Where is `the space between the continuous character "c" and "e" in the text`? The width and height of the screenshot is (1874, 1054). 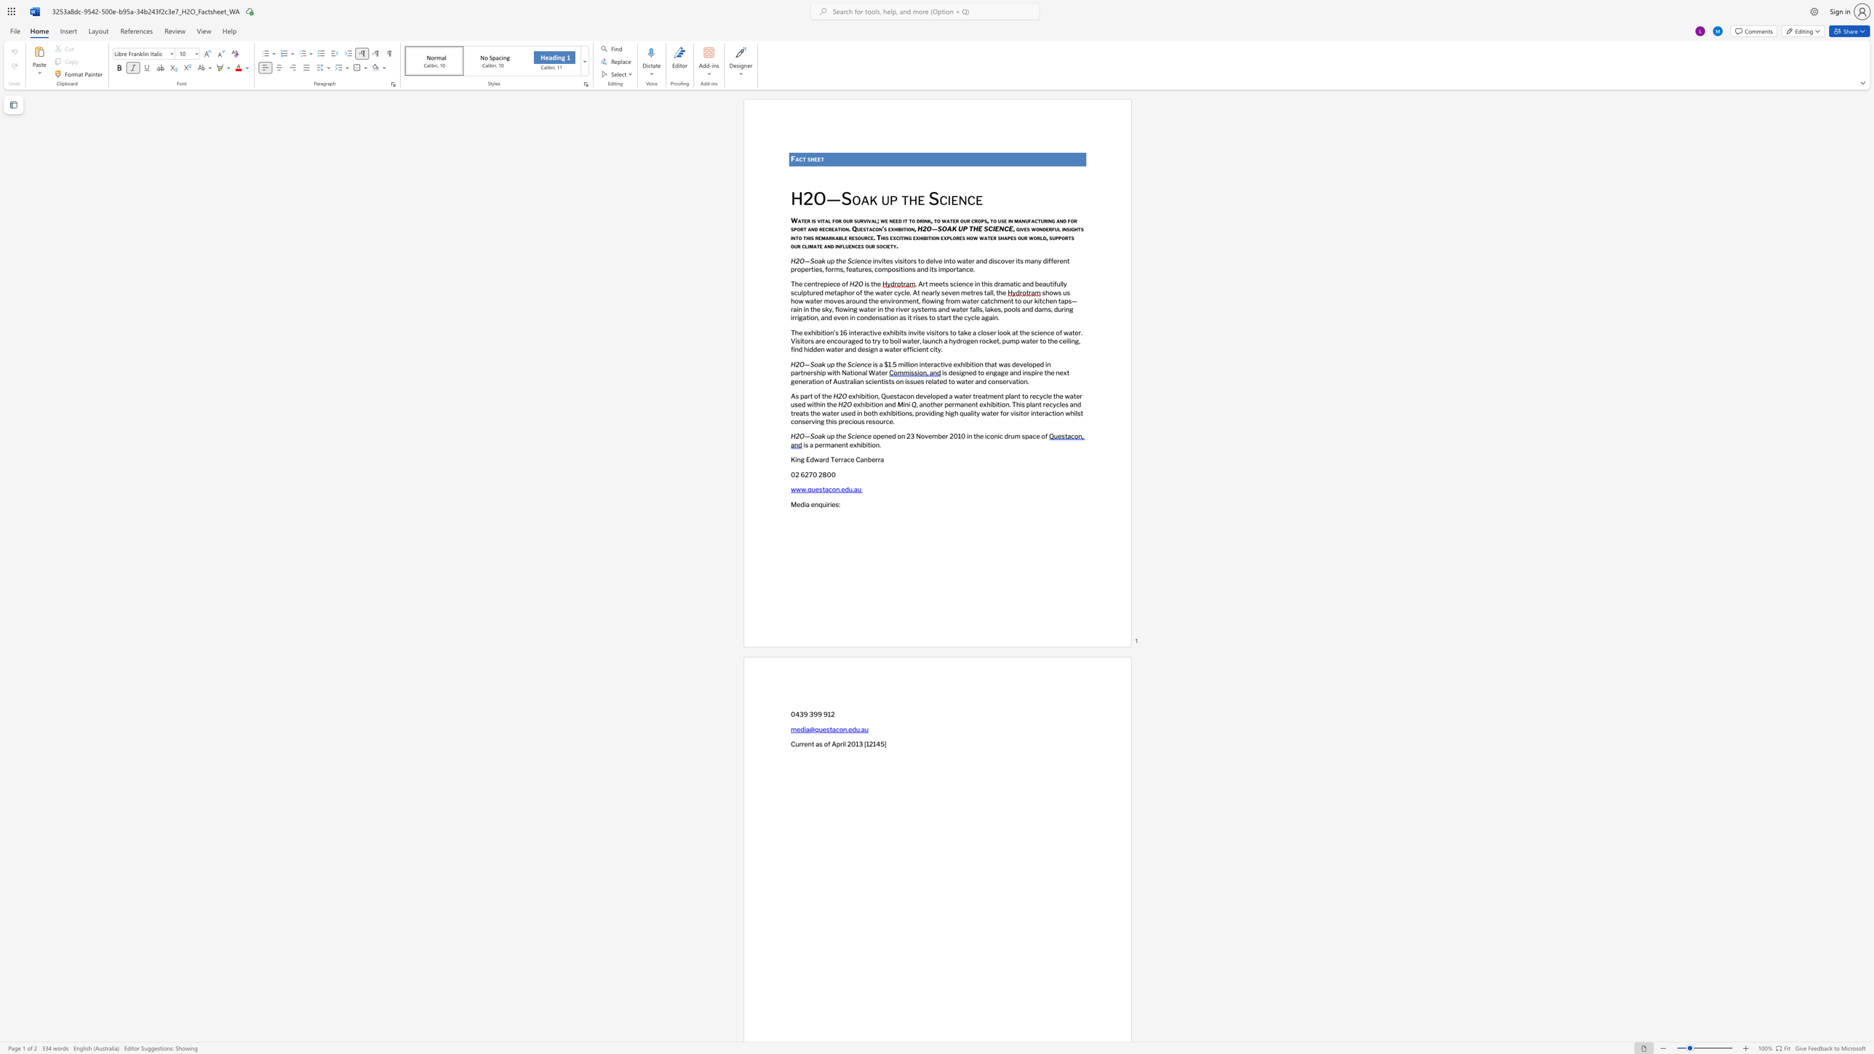 the space between the continuous character "c" and "e" in the text is located at coordinates (867, 436).